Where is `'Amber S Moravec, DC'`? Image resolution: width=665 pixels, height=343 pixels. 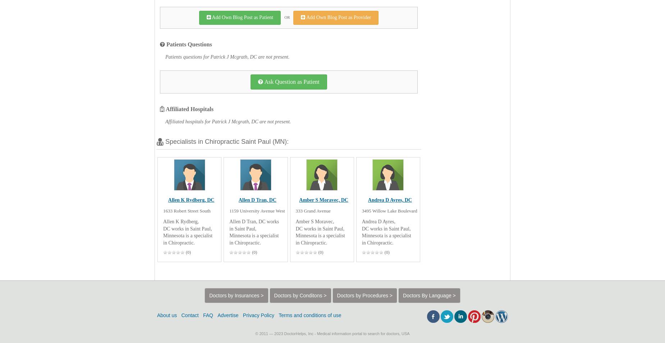 'Amber S Moravec, DC' is located at coordinates (299, 200).